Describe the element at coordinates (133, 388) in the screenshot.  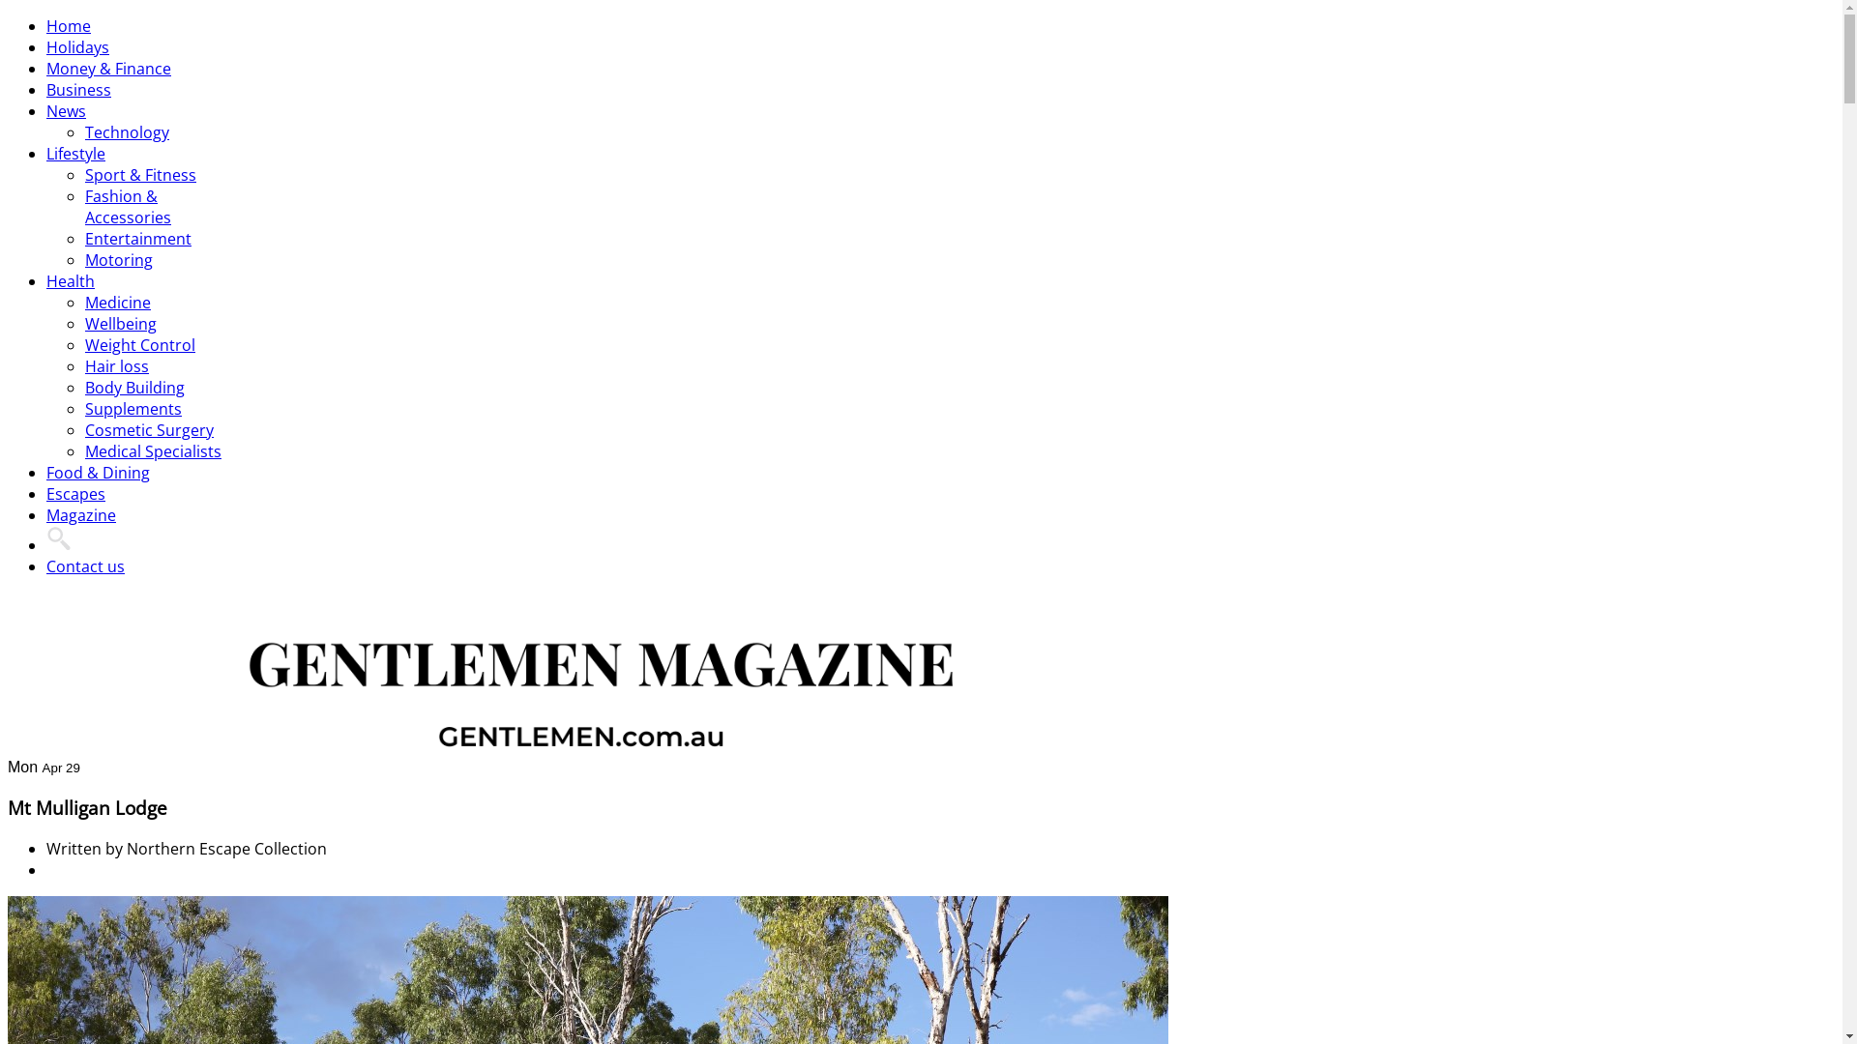
I see `'Body Building'` at that location.